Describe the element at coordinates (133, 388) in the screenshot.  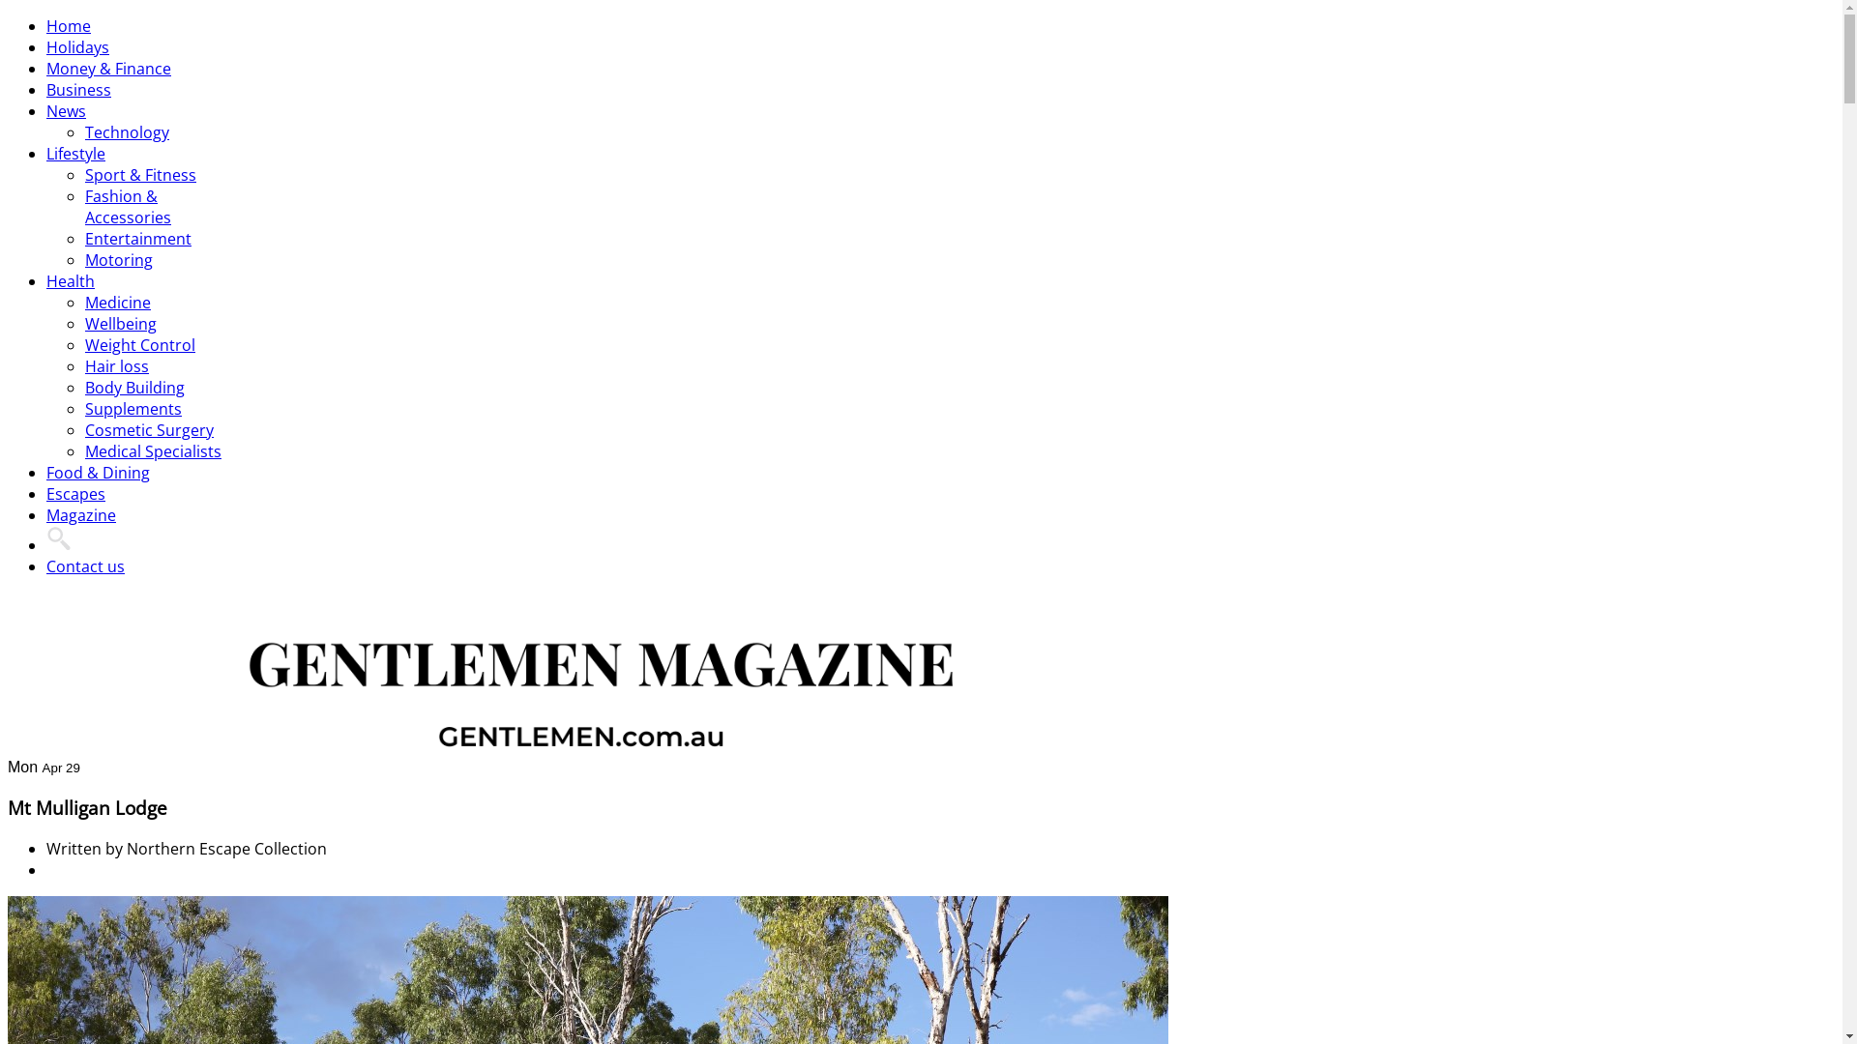
I see `'Body Building'` at that location.